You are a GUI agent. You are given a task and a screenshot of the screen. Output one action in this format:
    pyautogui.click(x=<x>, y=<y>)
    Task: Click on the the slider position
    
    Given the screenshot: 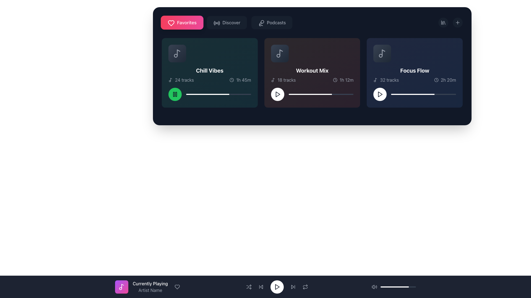 What is the action you would take?
    pyautogui.click(x=436, y=94)
    